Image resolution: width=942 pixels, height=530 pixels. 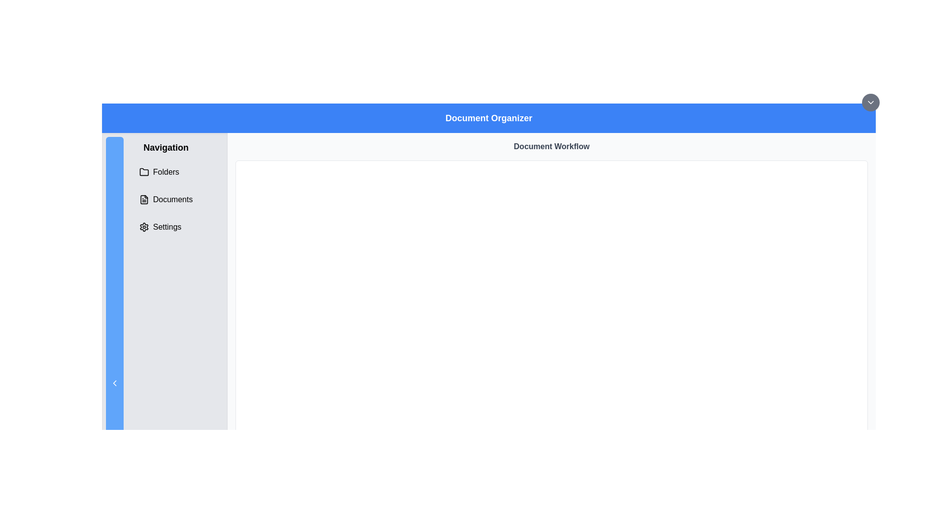 I want to click on the downward-pointing chevron-shaped icon with a thin black outline located on the far right side of the top blue header bar, so click(x=871, y=102).